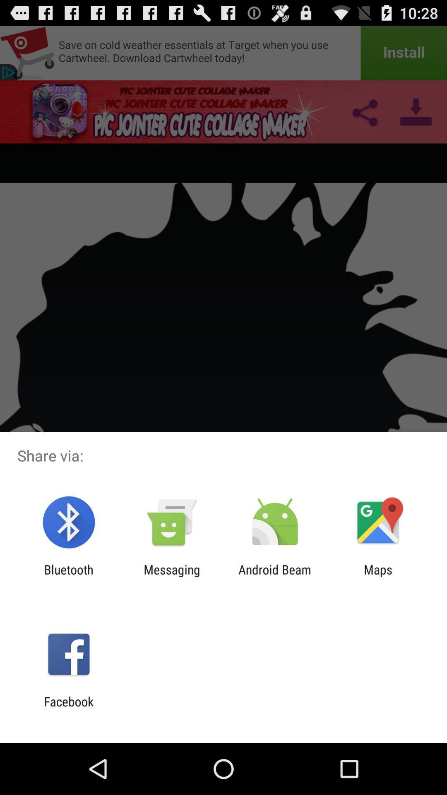 The height and width of the screenshot is (795, 447). I want to click on the bluetooth icon, so click(68, 576).